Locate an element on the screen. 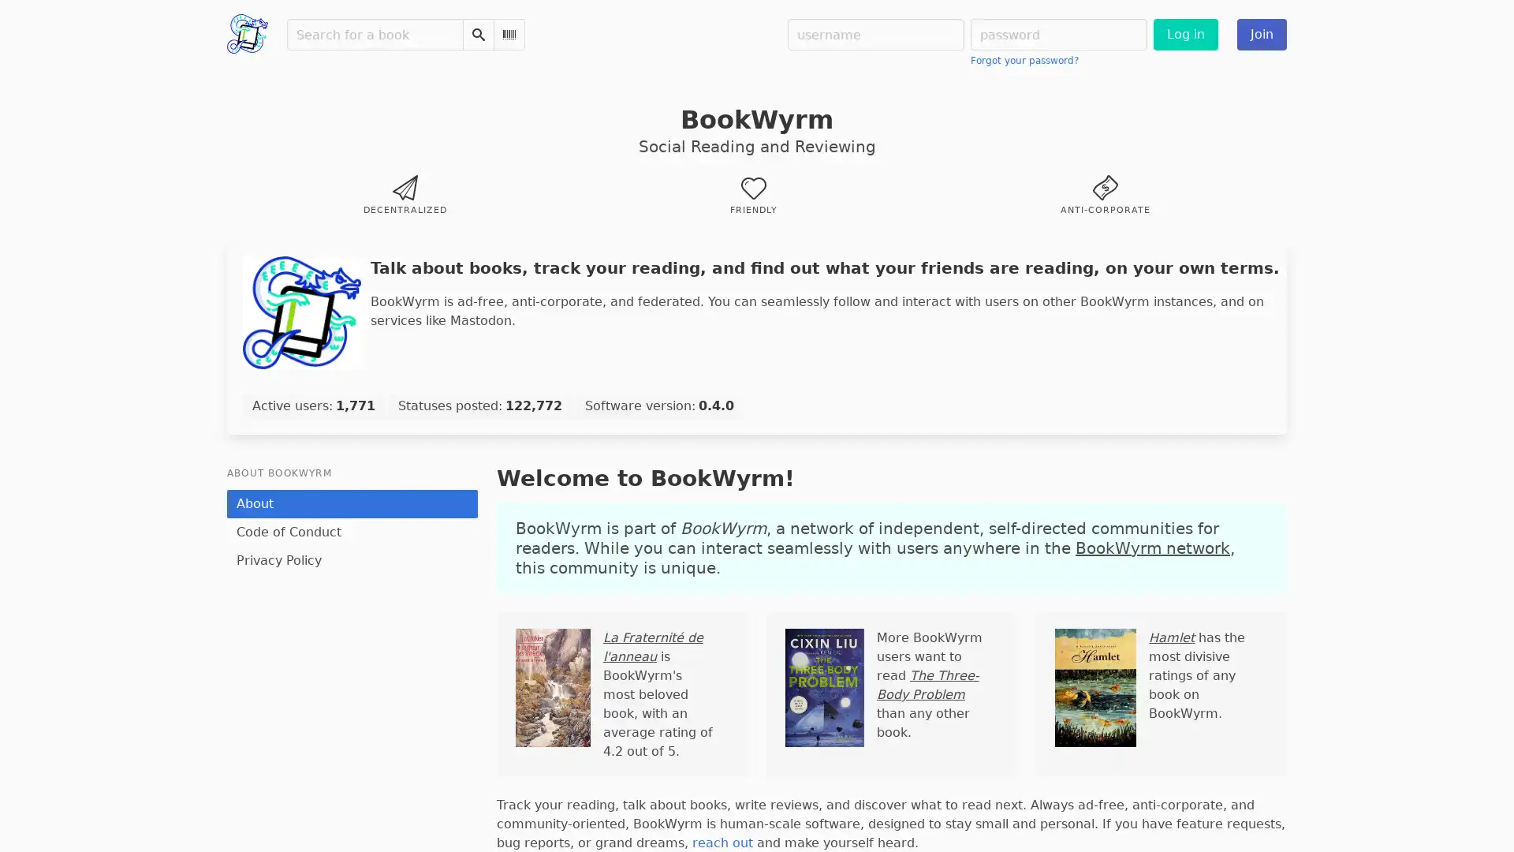 This screenshot has width=1514, height=852. Scan Barcode is located at coordinates (509, 34).